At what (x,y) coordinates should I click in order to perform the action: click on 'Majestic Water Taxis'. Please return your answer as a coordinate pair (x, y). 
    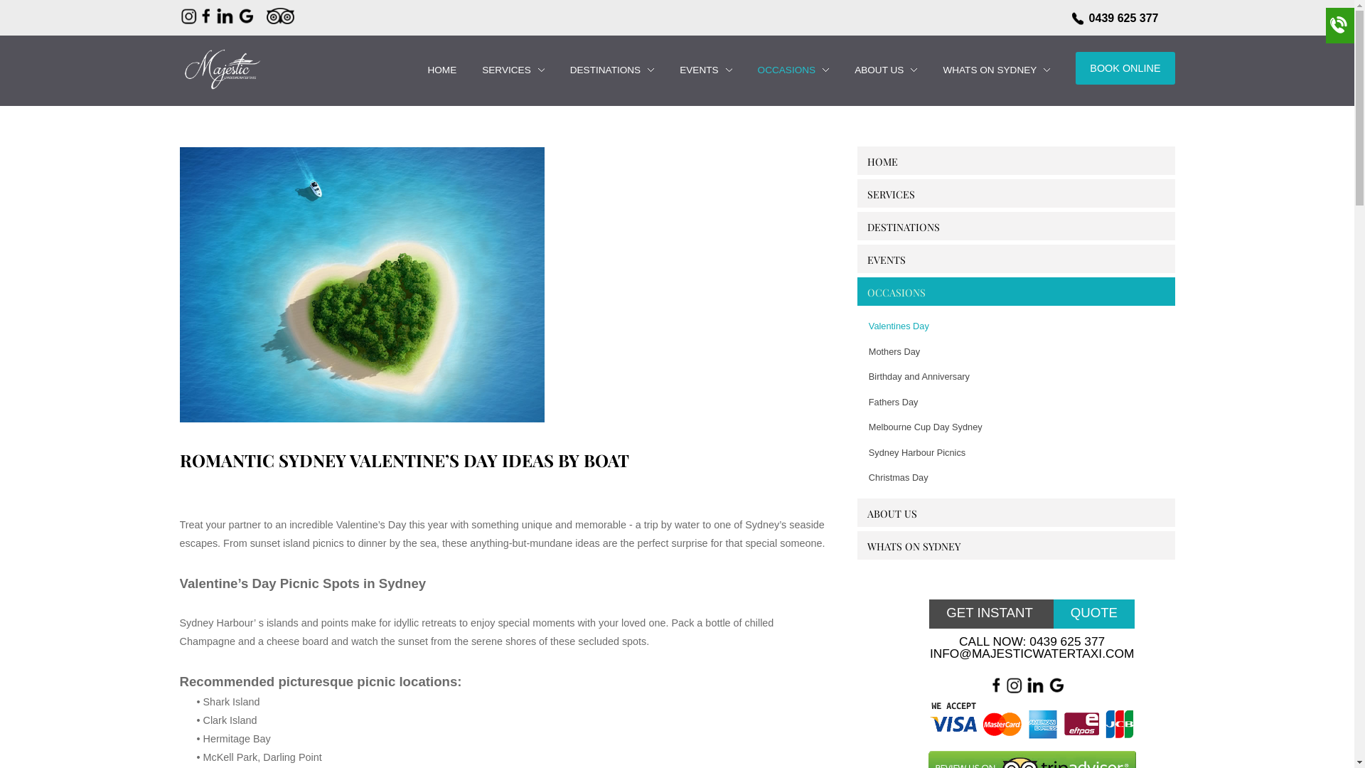
    Looking at the image, I should click on (220, 68).